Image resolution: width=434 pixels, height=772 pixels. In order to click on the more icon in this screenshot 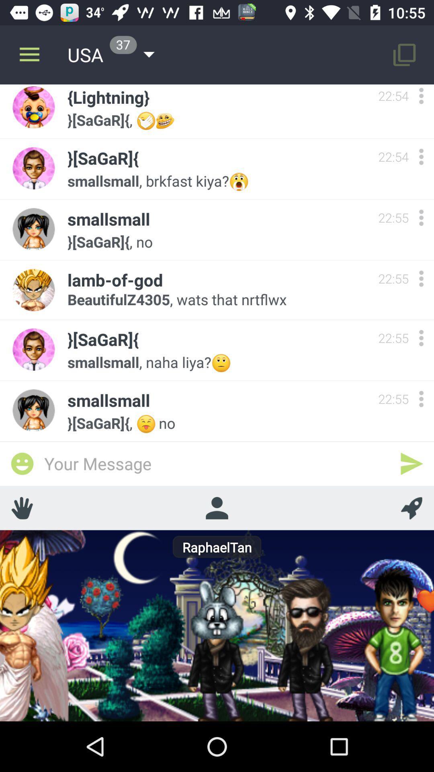, I will do `click(421, 399)`.